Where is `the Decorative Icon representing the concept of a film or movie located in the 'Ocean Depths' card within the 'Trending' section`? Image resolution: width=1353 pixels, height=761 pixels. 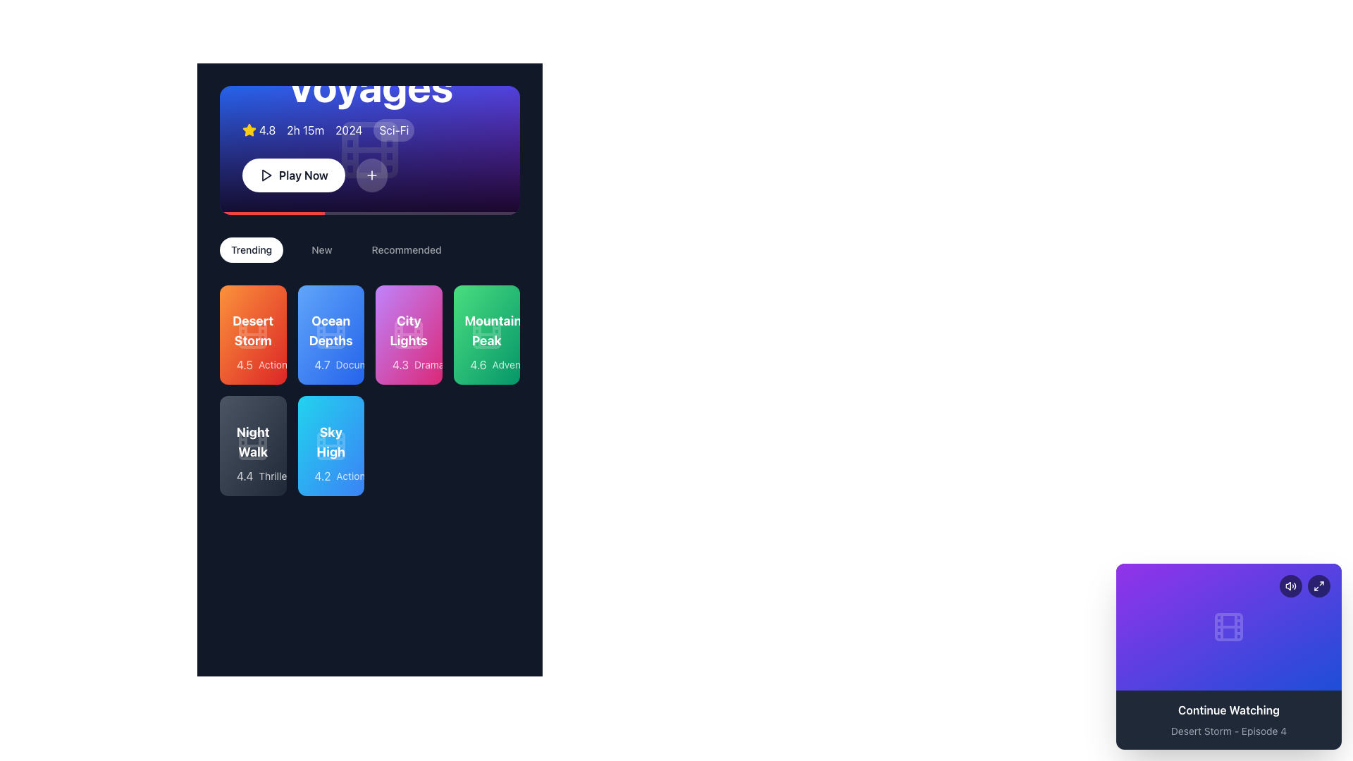 the Decorative Icon representing the concept of a film or movie located in the 'Ocean Depths' card within the 'Trending' section is located at coordinates (330, 335).